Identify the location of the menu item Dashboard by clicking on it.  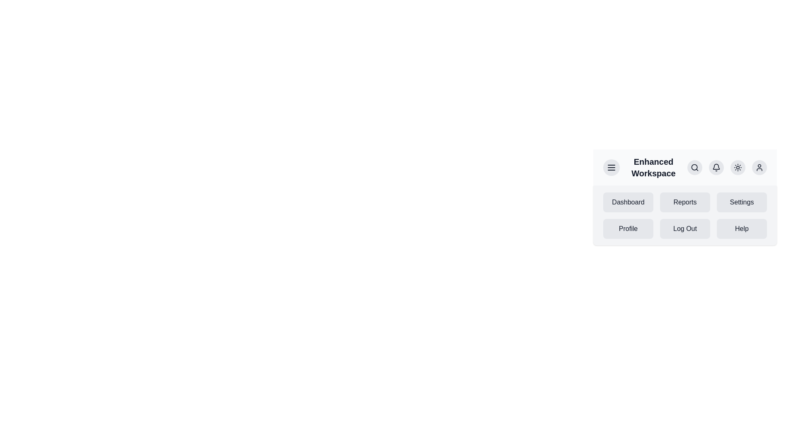
(628, 202).